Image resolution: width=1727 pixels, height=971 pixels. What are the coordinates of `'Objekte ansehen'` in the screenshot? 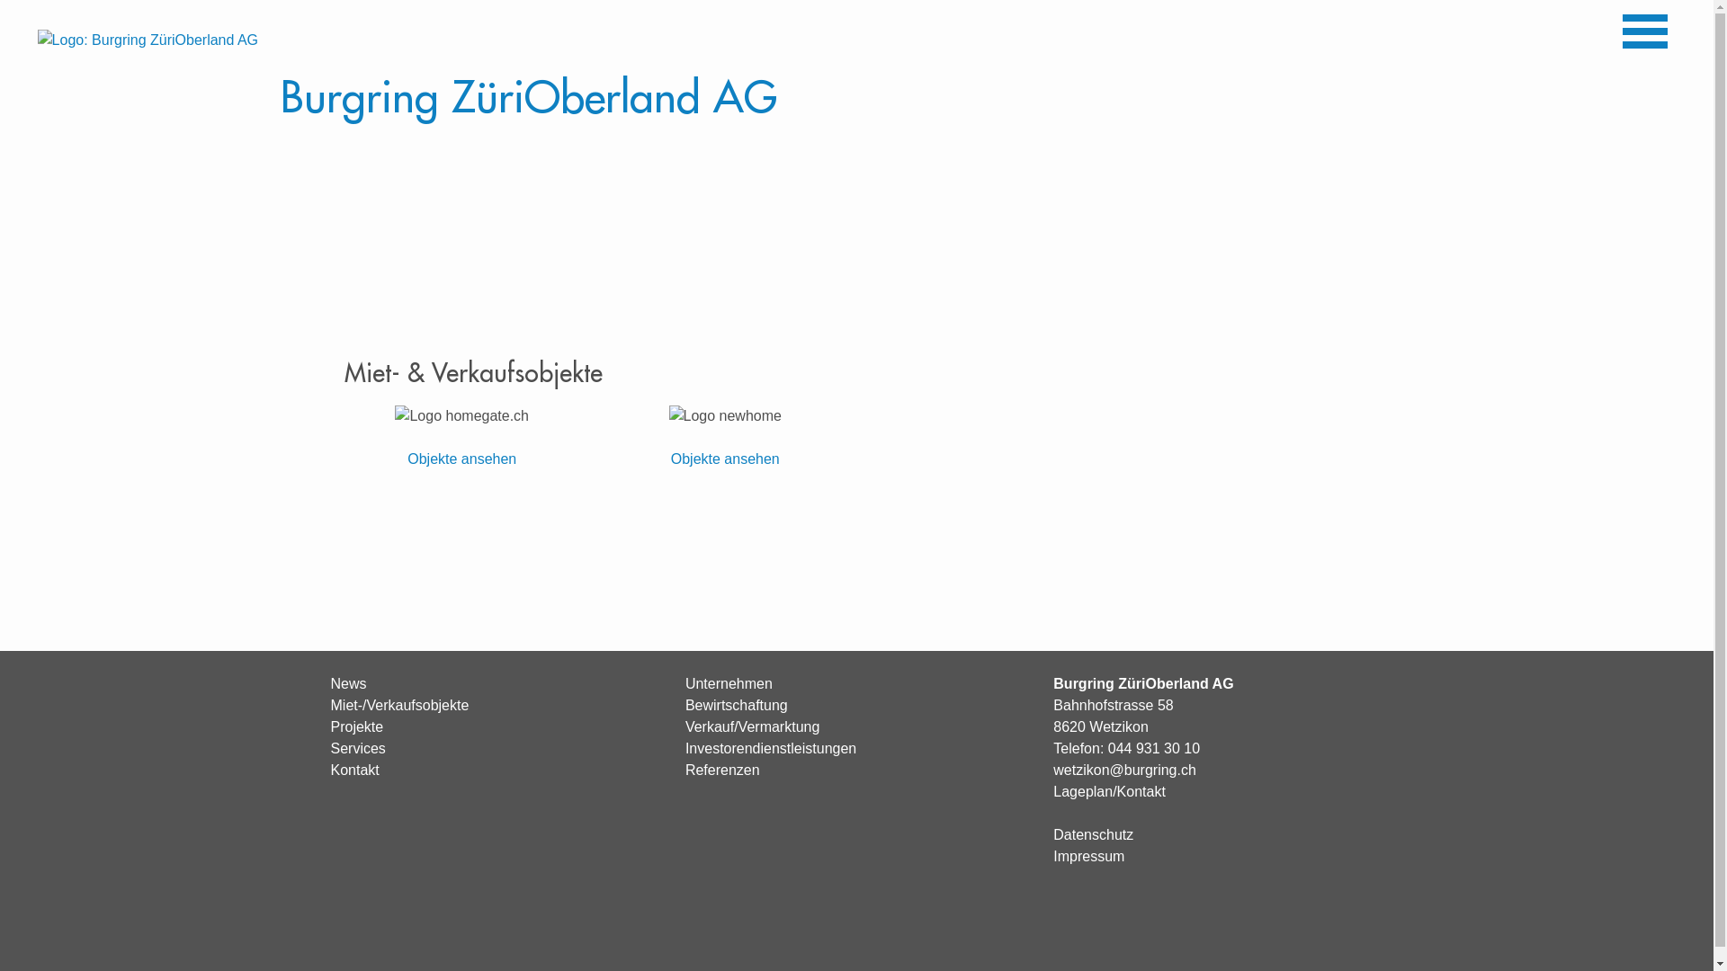 It's located at (725, 458).